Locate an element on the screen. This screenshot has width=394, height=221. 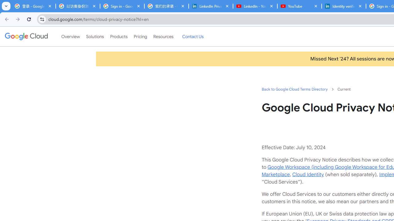
'LinkedIn - YouTube' is located at coordinates (255, 6).